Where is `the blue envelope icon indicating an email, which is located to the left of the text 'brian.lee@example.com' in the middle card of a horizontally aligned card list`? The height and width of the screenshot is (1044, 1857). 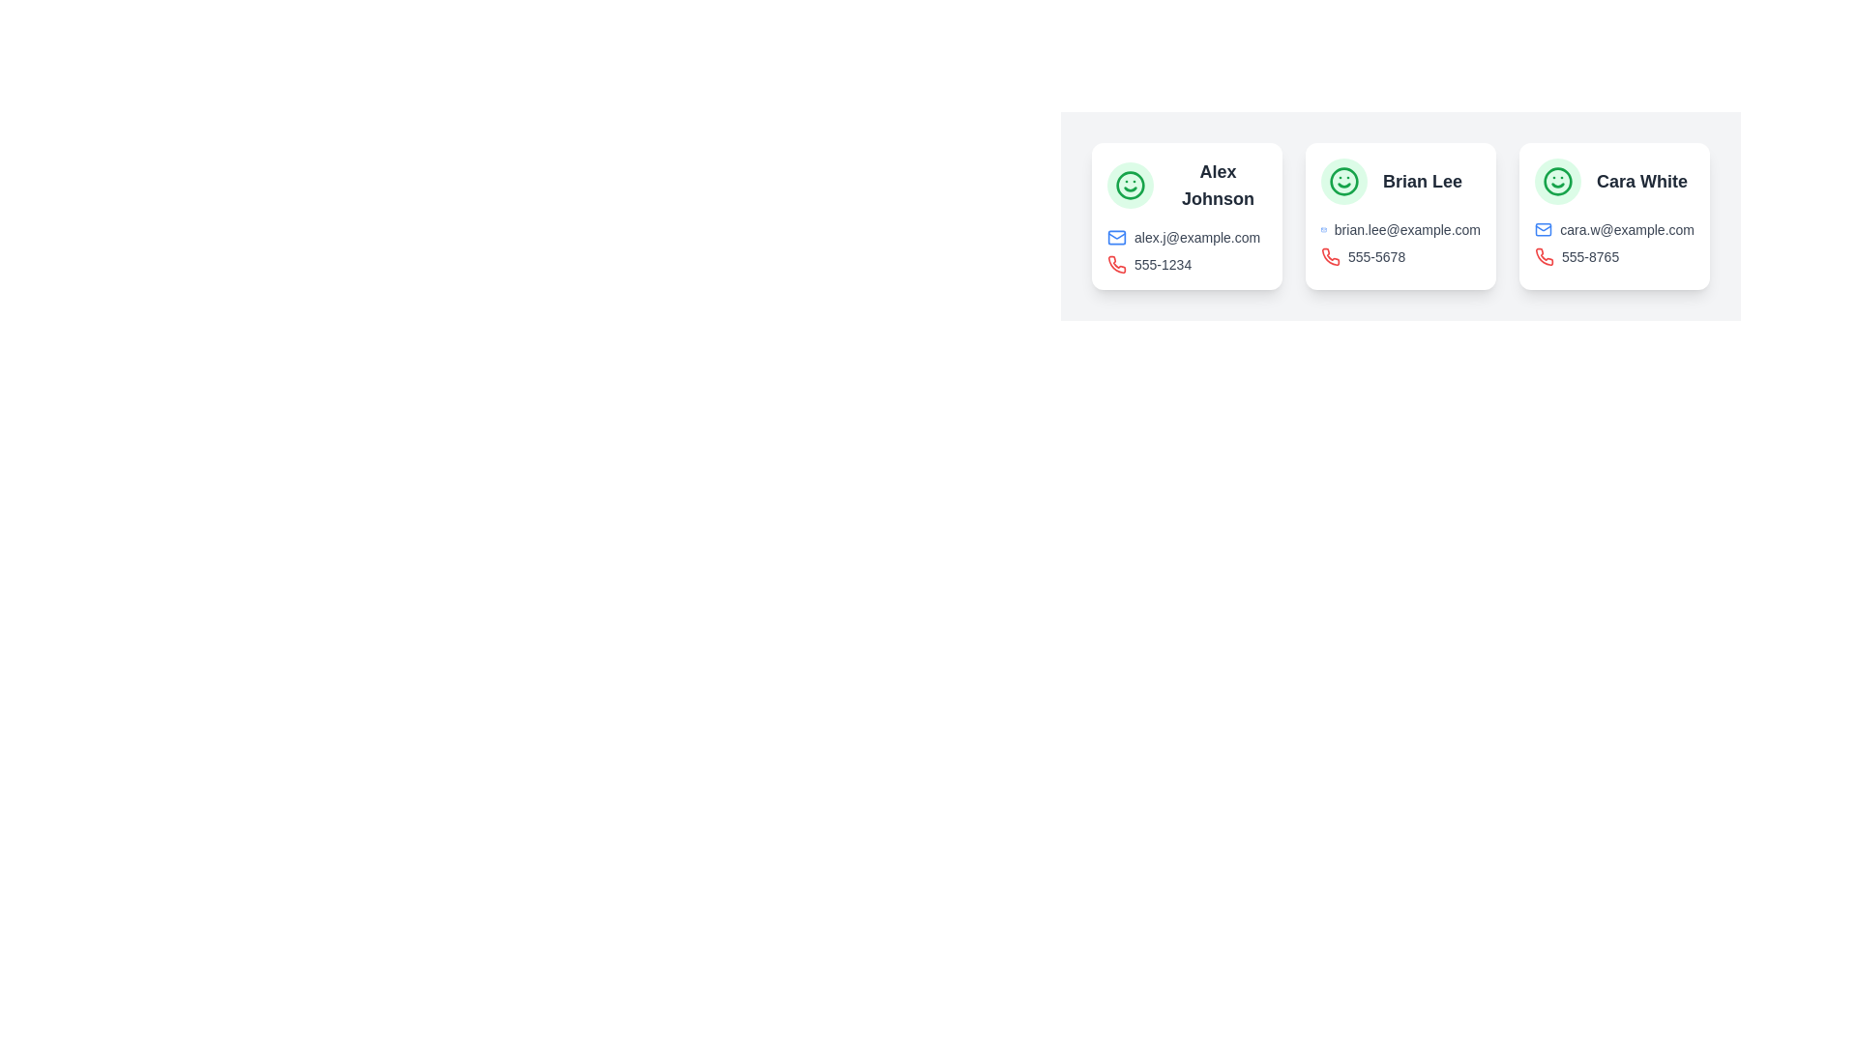
the blue envelope icon indicating an email, which is located to the left of the text 'brian.lee@example.com' in the middle card of a horizontally aligned card list is located at coordinates (1322, 229).